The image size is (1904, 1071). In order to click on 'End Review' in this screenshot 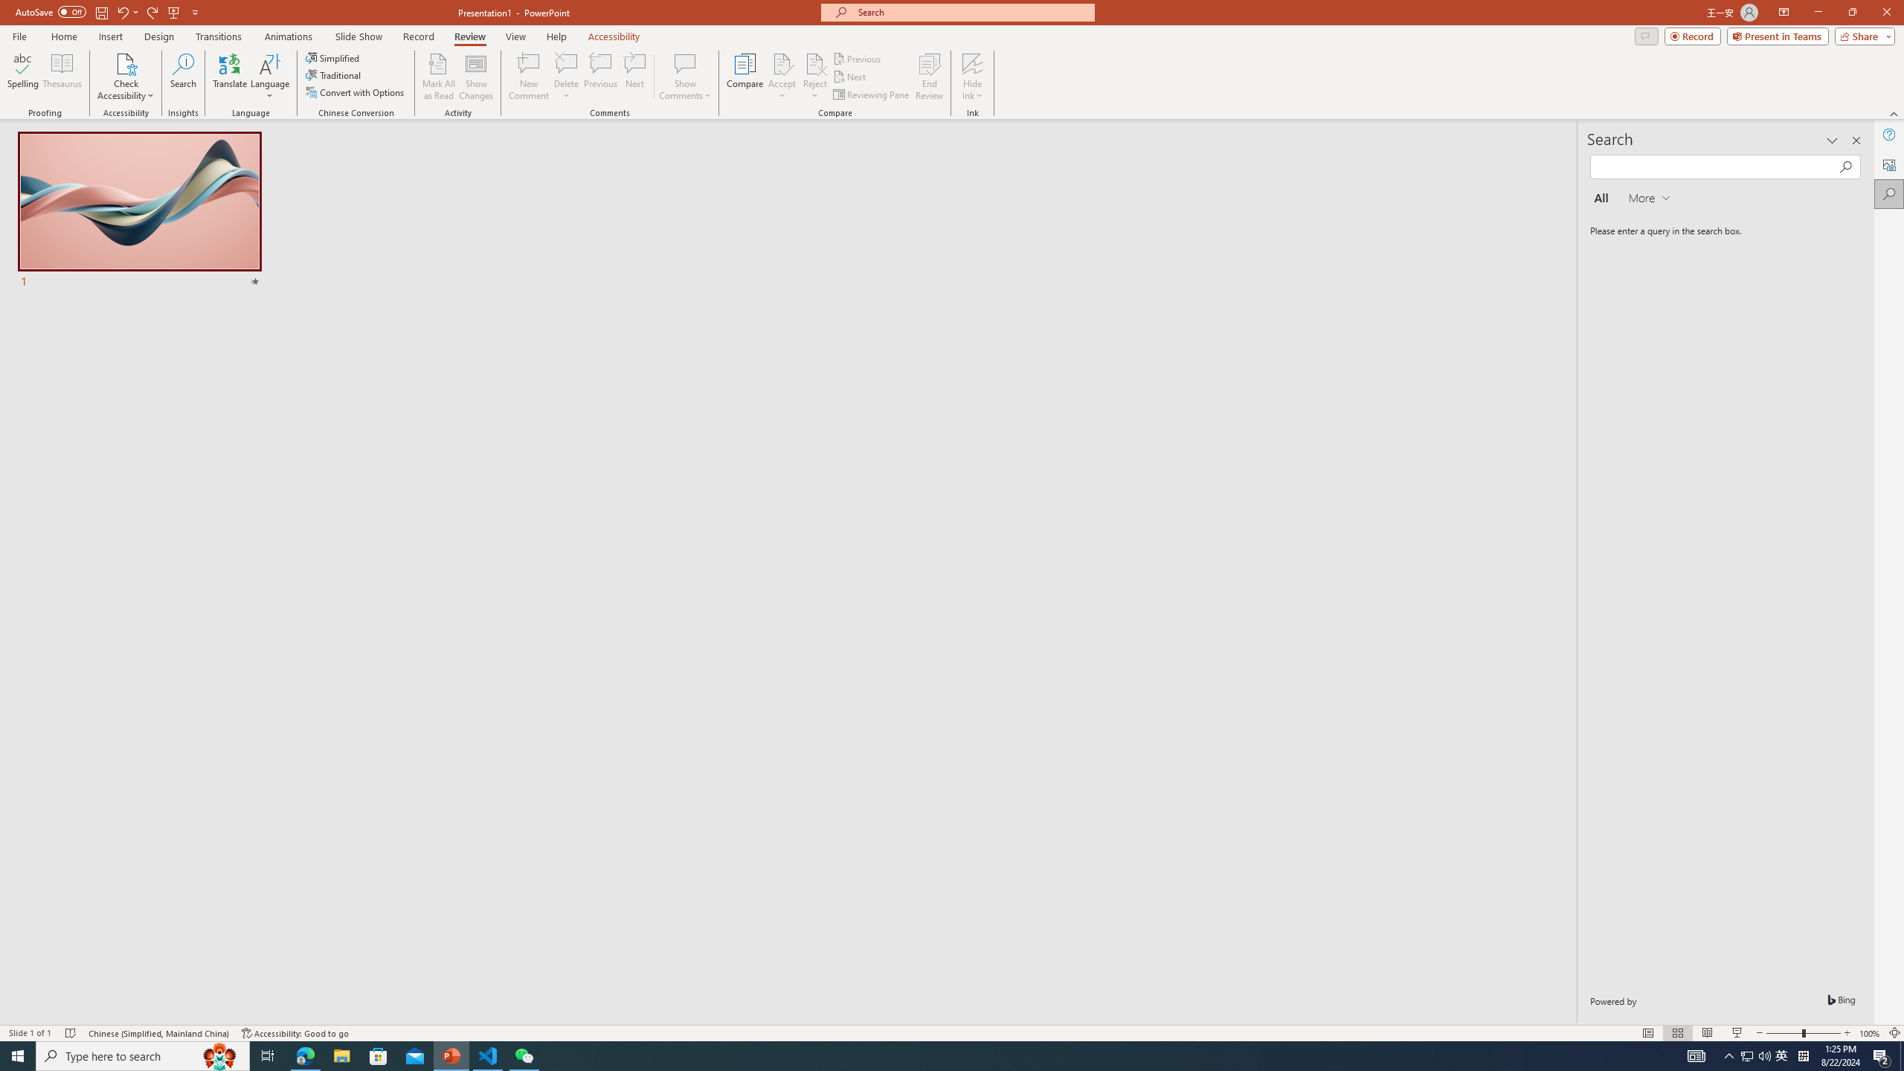, I will do `click(928, 77)`.